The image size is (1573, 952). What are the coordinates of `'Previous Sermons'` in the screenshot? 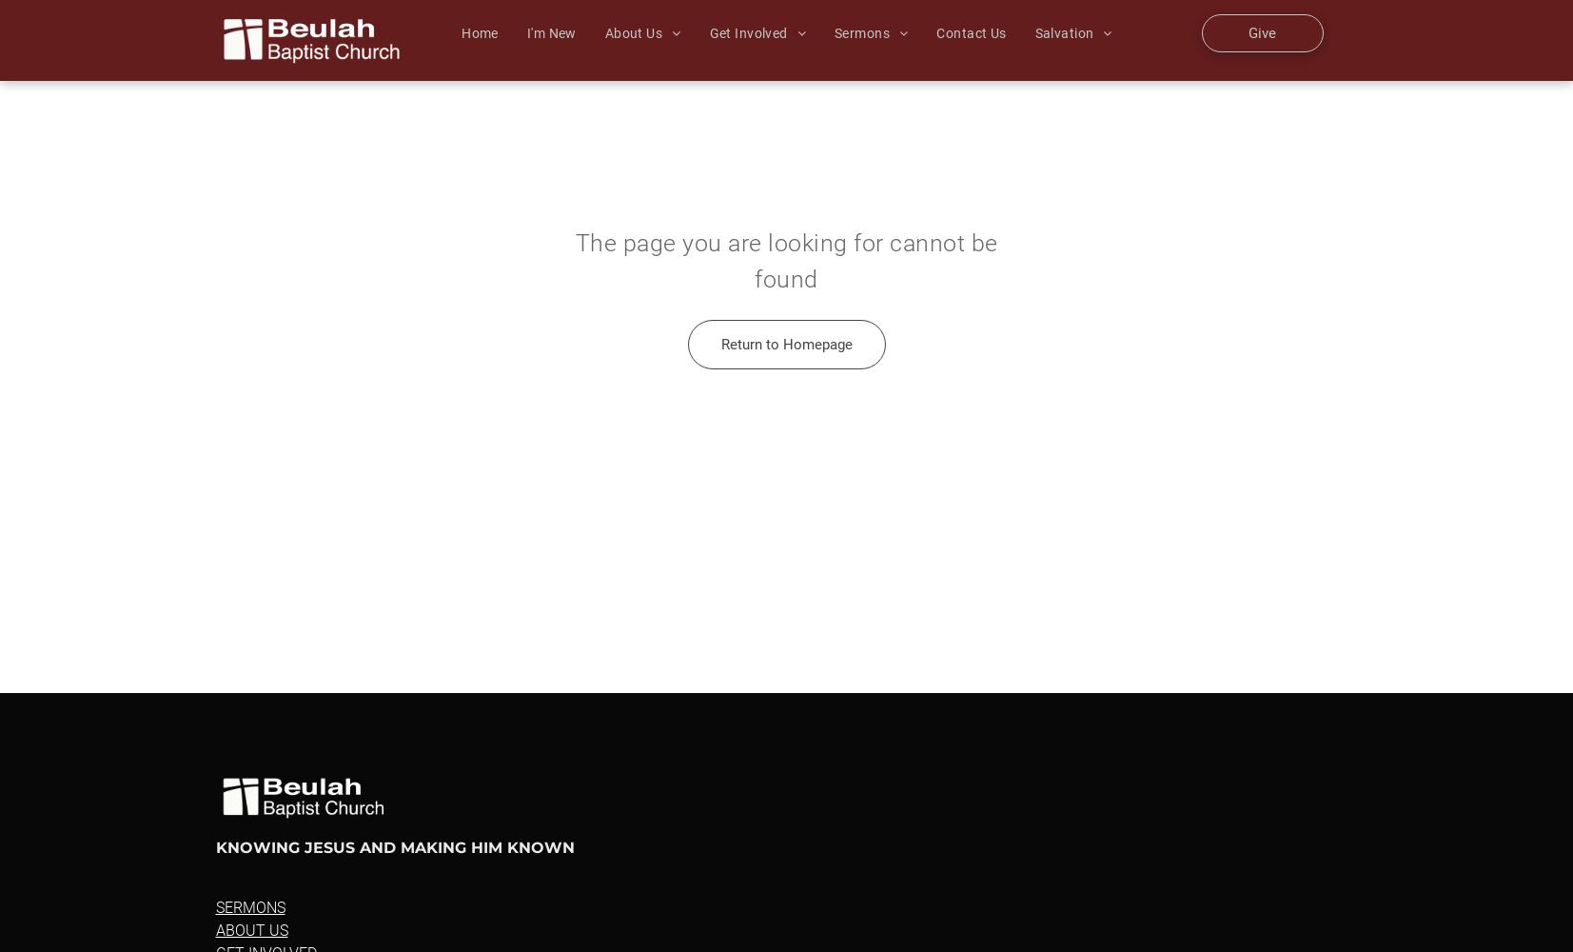 It's located at (910, 58).